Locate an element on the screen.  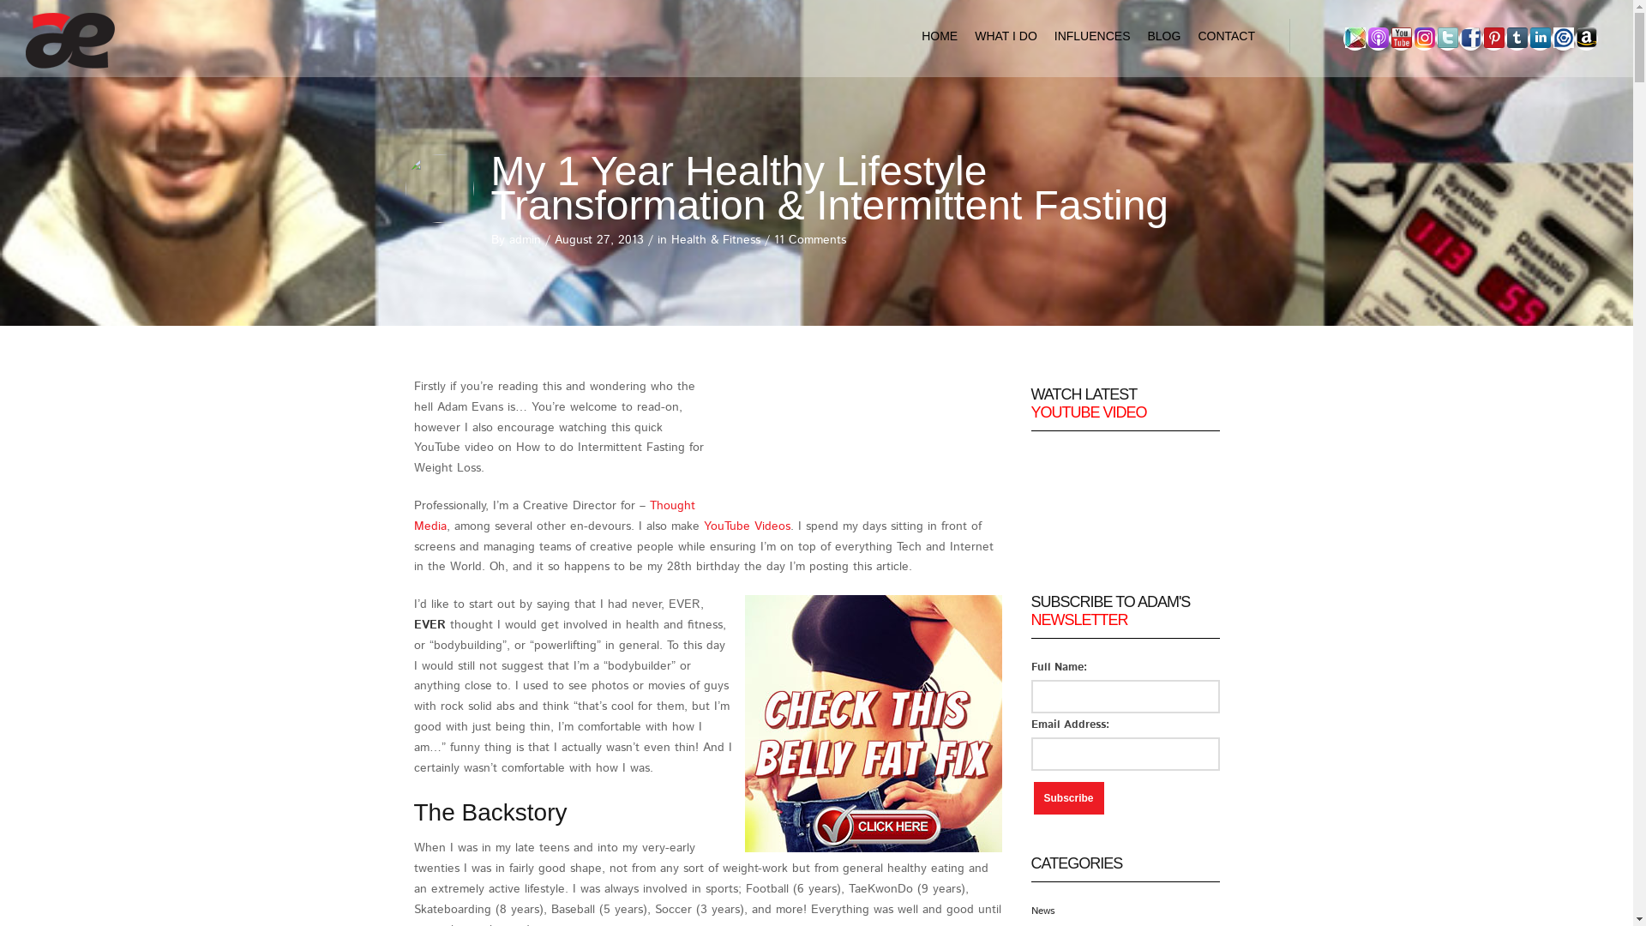
'HOME' is located at coordinates (938, 36).